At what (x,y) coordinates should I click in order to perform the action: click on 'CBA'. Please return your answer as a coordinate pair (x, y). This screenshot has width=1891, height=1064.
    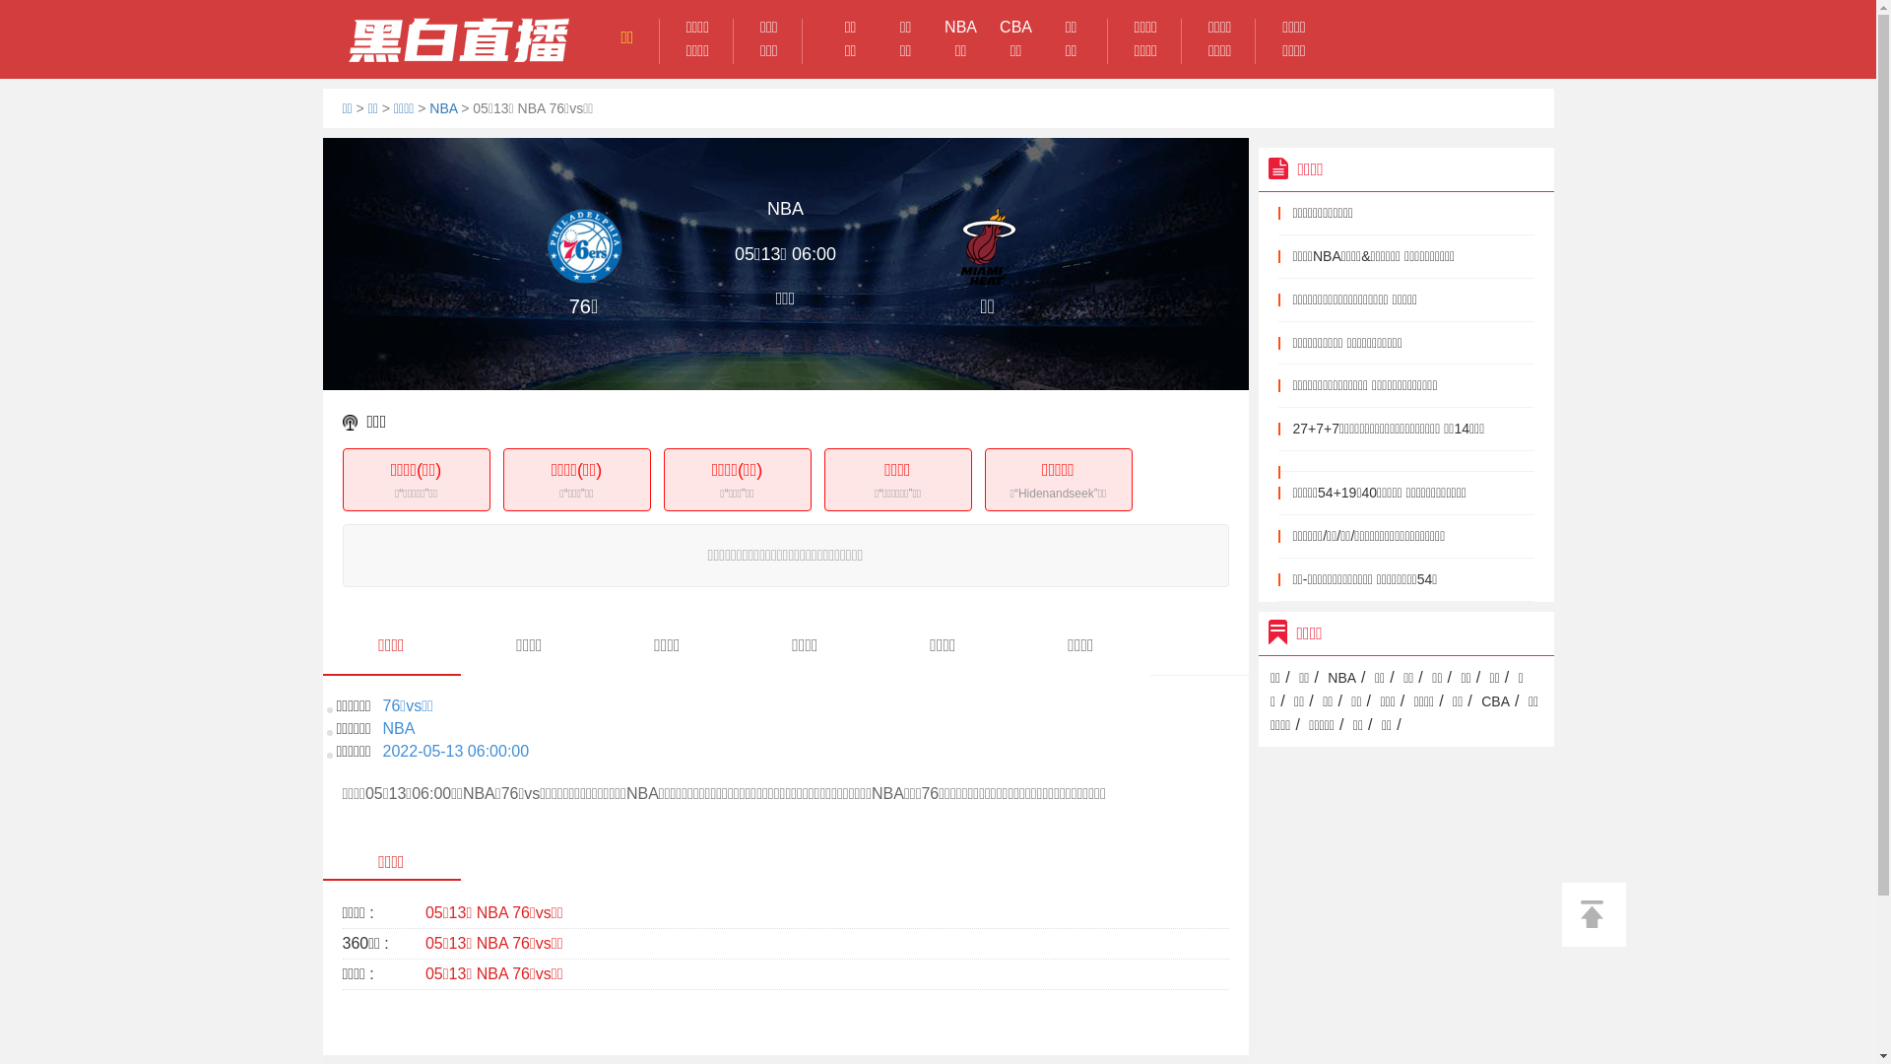
    Looking at the image, I should click on (1016, 27).